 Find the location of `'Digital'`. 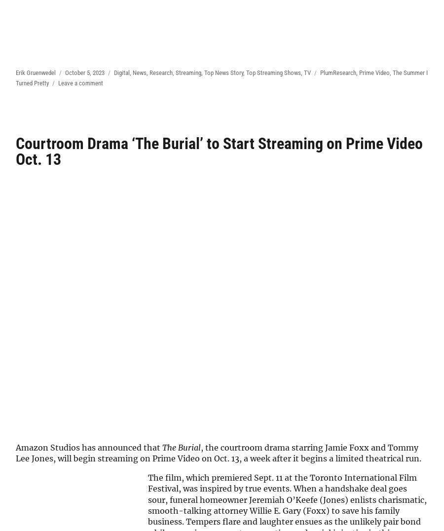

'Digital' is located at coordinates (121, 72).